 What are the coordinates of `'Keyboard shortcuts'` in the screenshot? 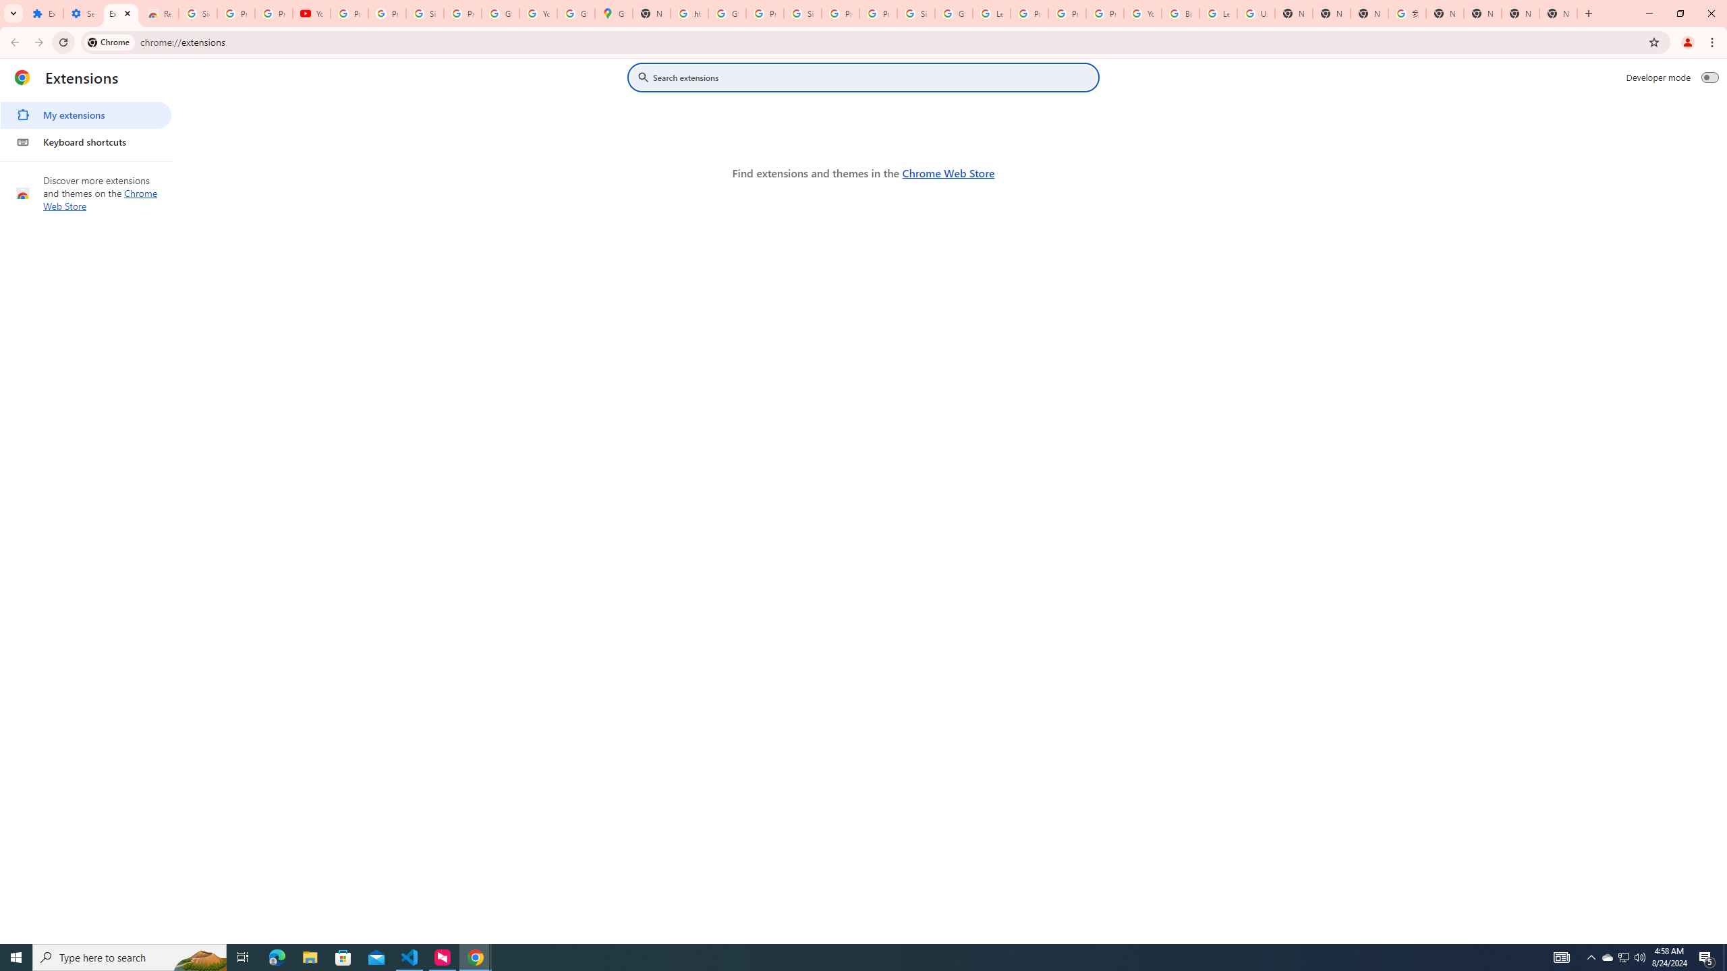 It's located at (85, 142).